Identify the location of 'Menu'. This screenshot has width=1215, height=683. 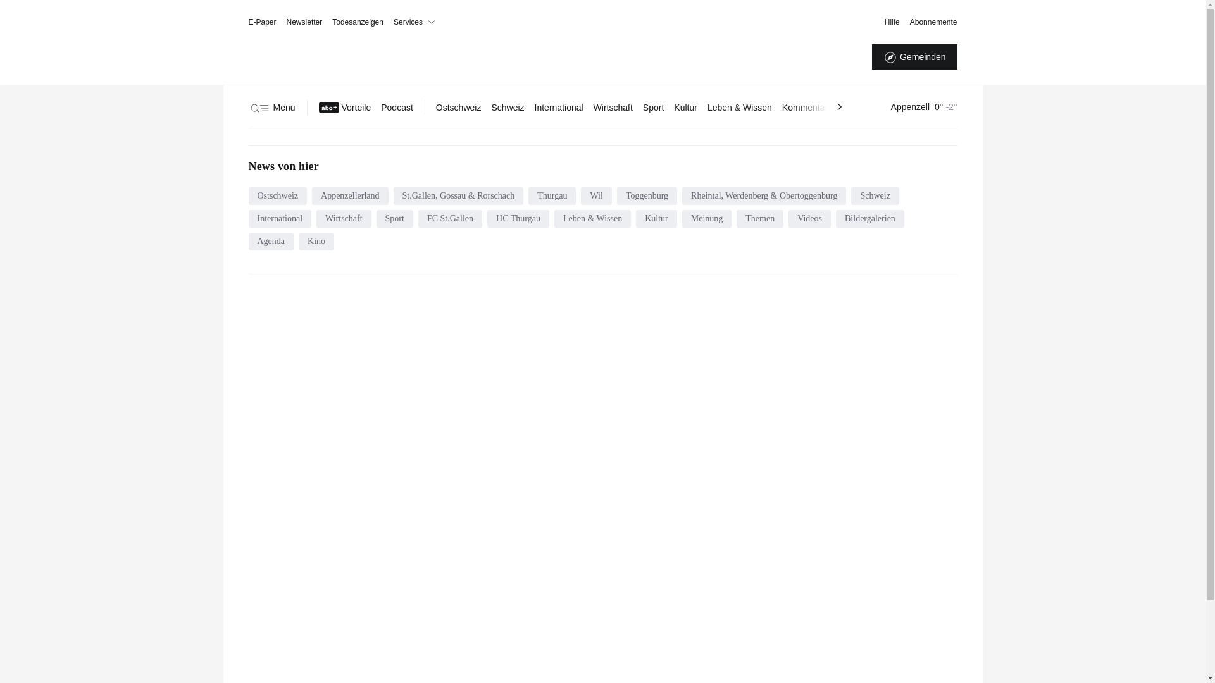
(248, 106).